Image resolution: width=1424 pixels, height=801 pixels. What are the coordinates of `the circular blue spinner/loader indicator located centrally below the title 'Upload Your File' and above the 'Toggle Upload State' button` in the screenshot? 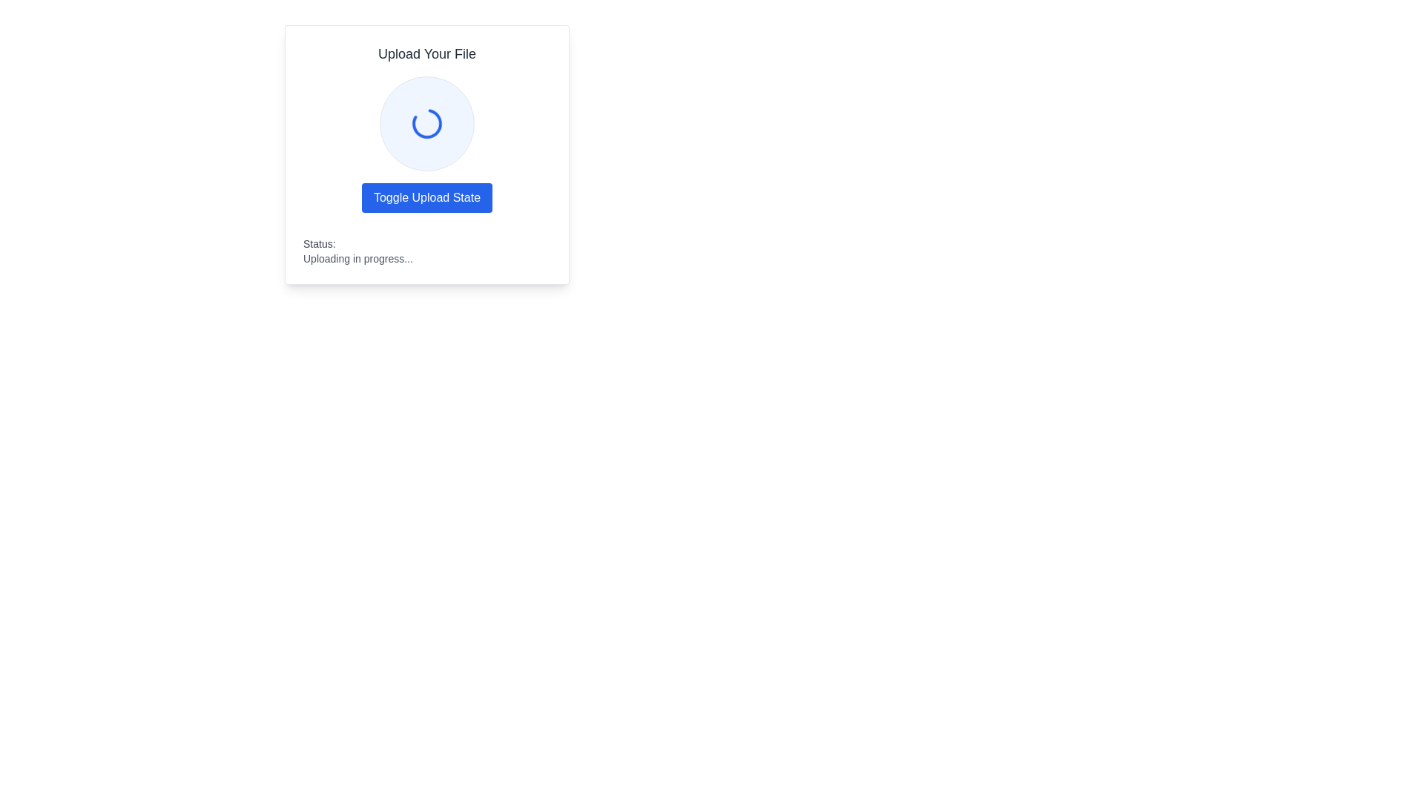 It's located at (426, 122).